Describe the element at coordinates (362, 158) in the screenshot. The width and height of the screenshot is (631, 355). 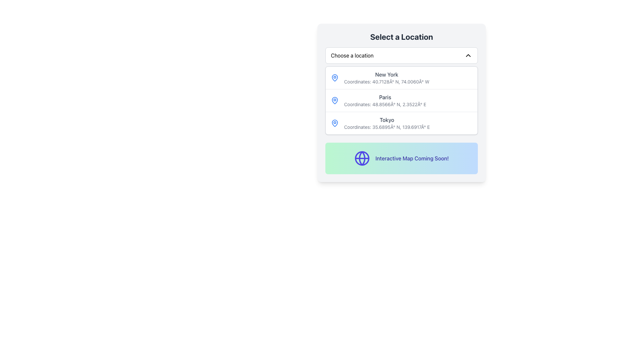
I see `the graphical icon component (SVG circle) at the center of the globe icon located in the interactive map placeholder area` at that location.